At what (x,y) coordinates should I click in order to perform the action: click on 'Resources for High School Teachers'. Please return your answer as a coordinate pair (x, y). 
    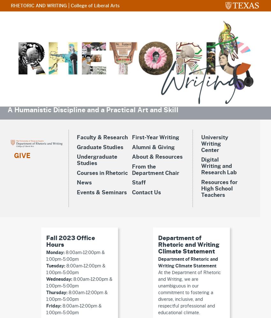
    Looking at the image, I should click on (201, 188).